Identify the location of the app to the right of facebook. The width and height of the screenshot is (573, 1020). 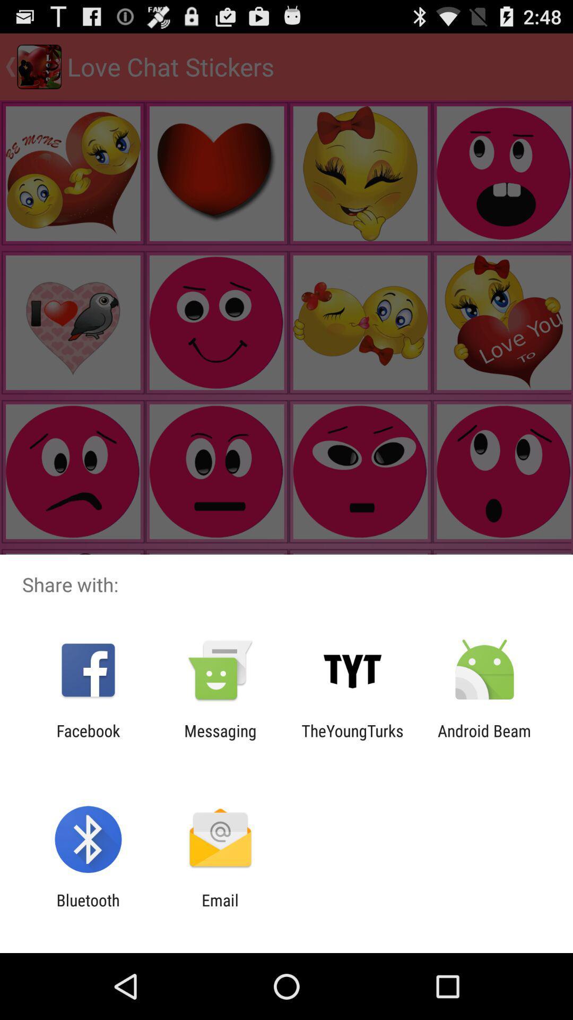
(220, 739).